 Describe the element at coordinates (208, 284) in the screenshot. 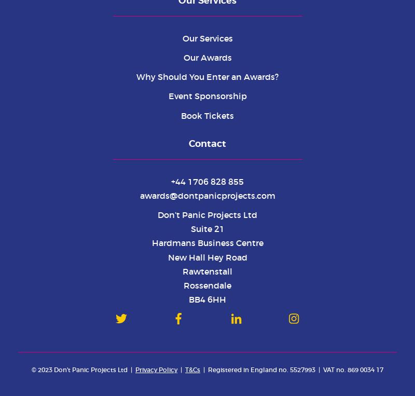

I see `'Rossendale'` at that location.